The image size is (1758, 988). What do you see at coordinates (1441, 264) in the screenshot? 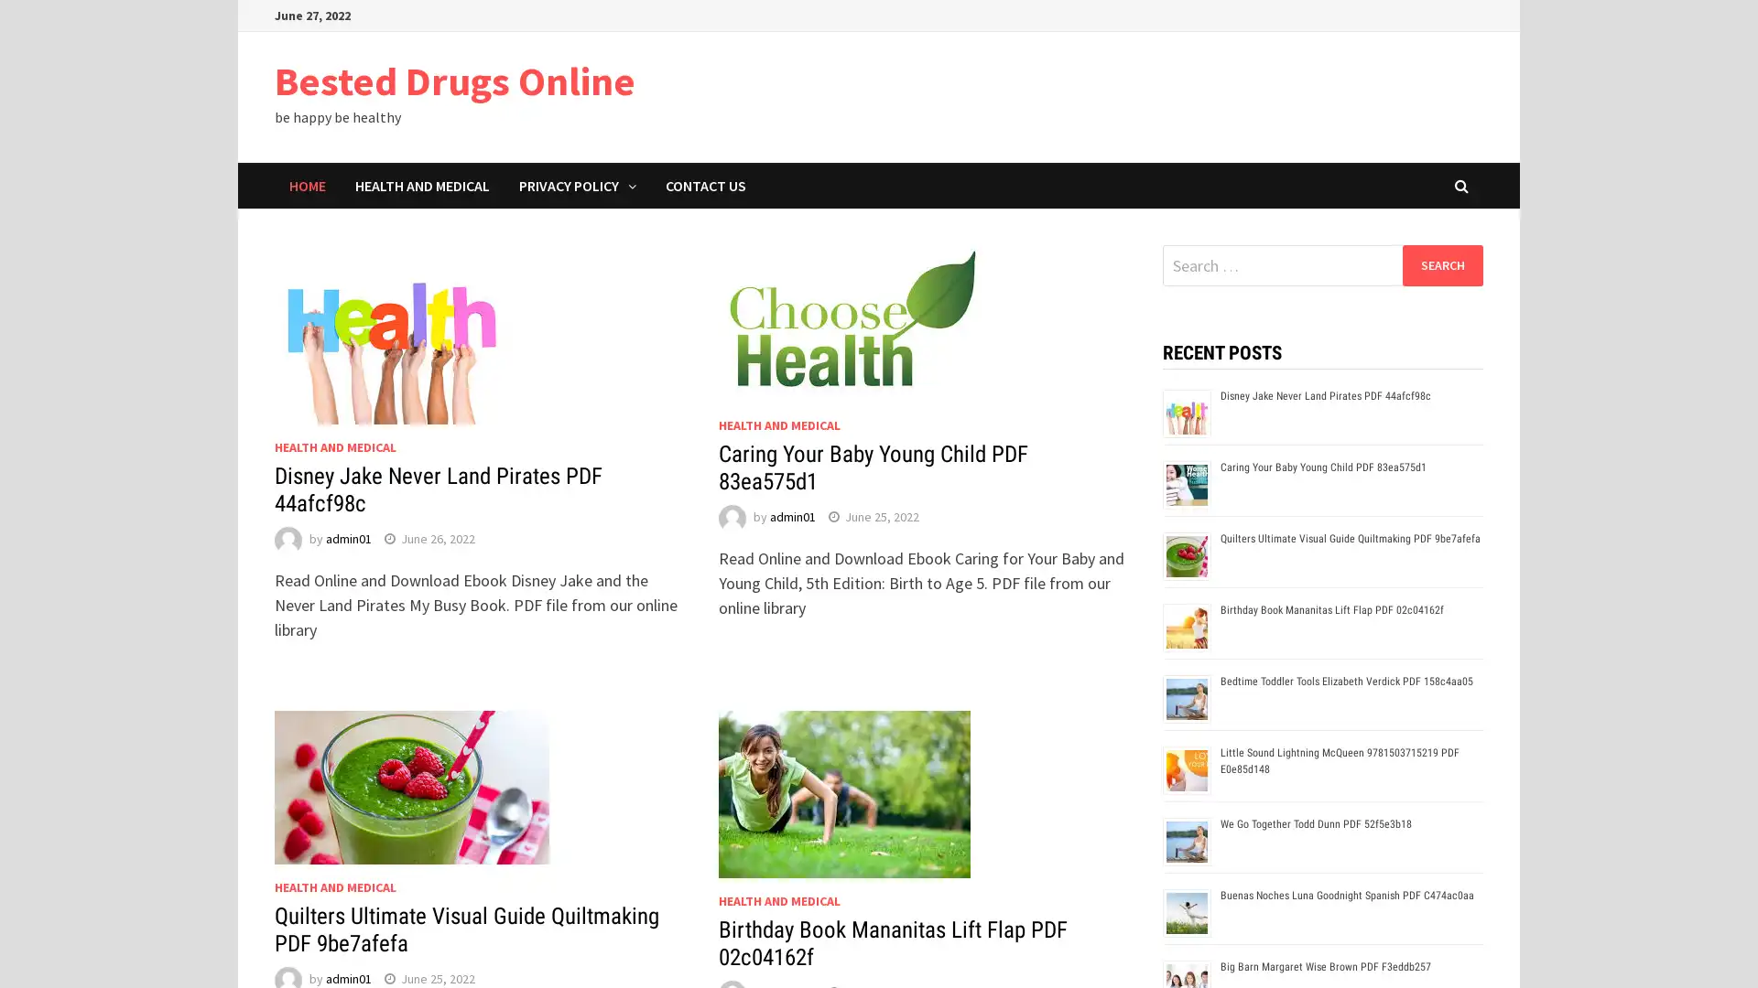
I see `Search` at bounding box center [1441, 264].